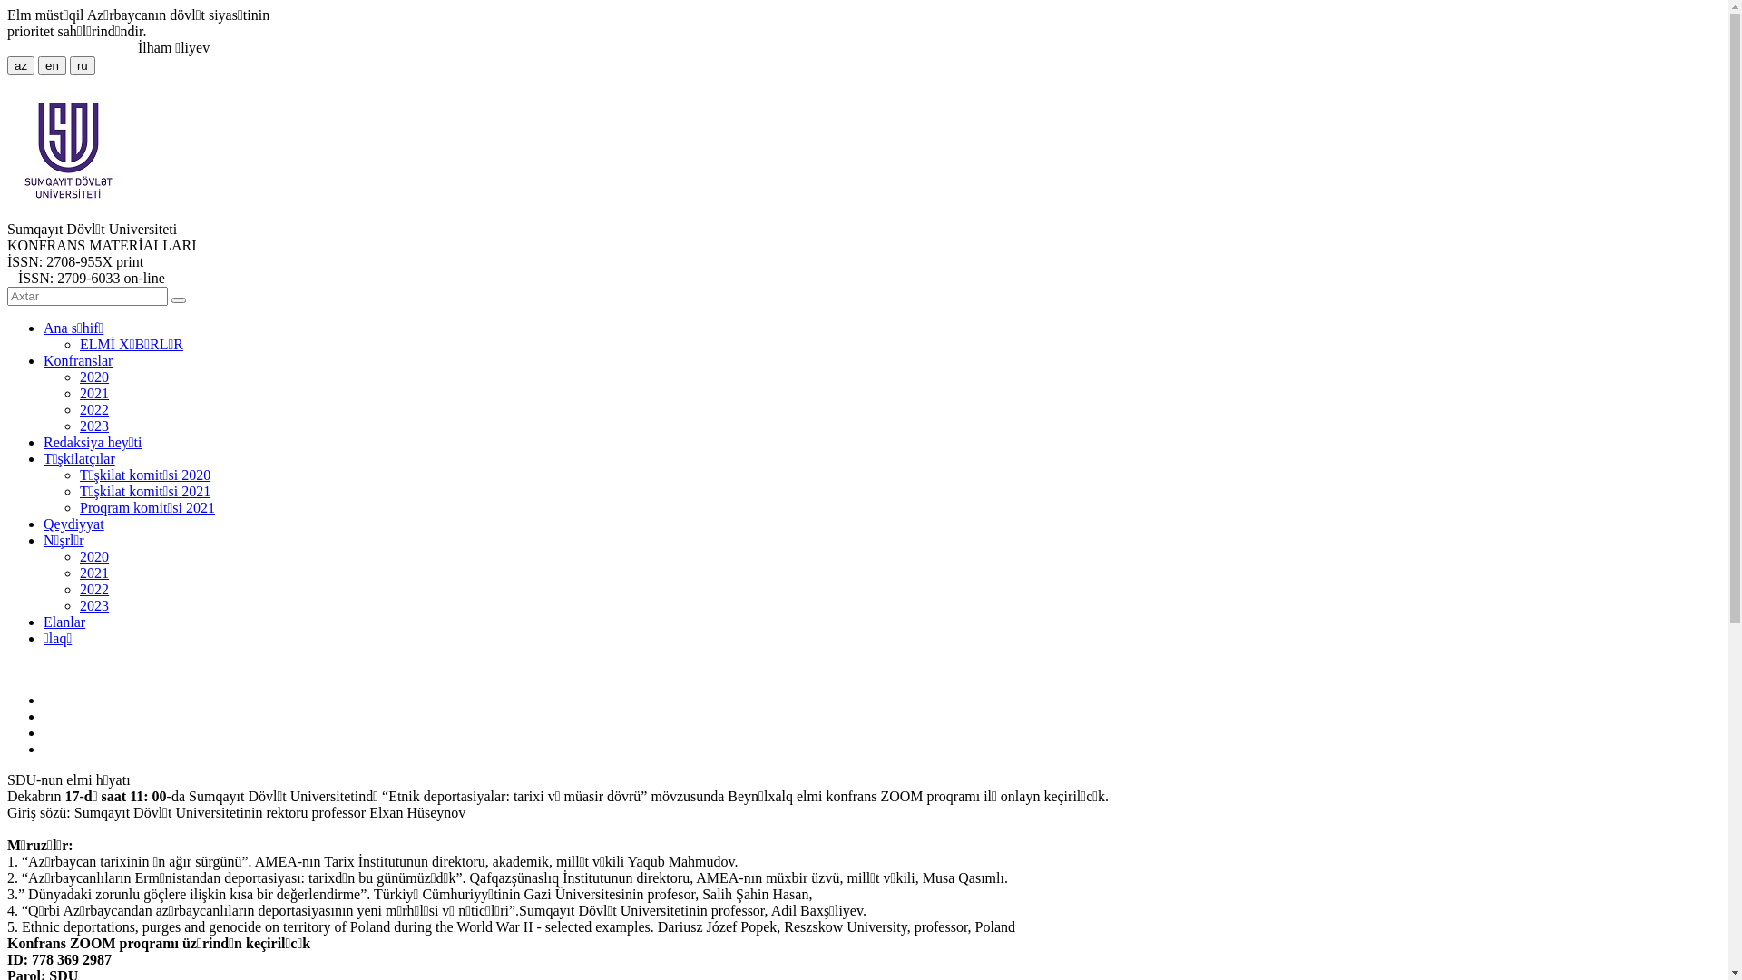 This screenshot has height=980, width=1742. Describe the element at coordinates (73, 524) in the screenshot. I see `'Qeydiyyat'` at that location.